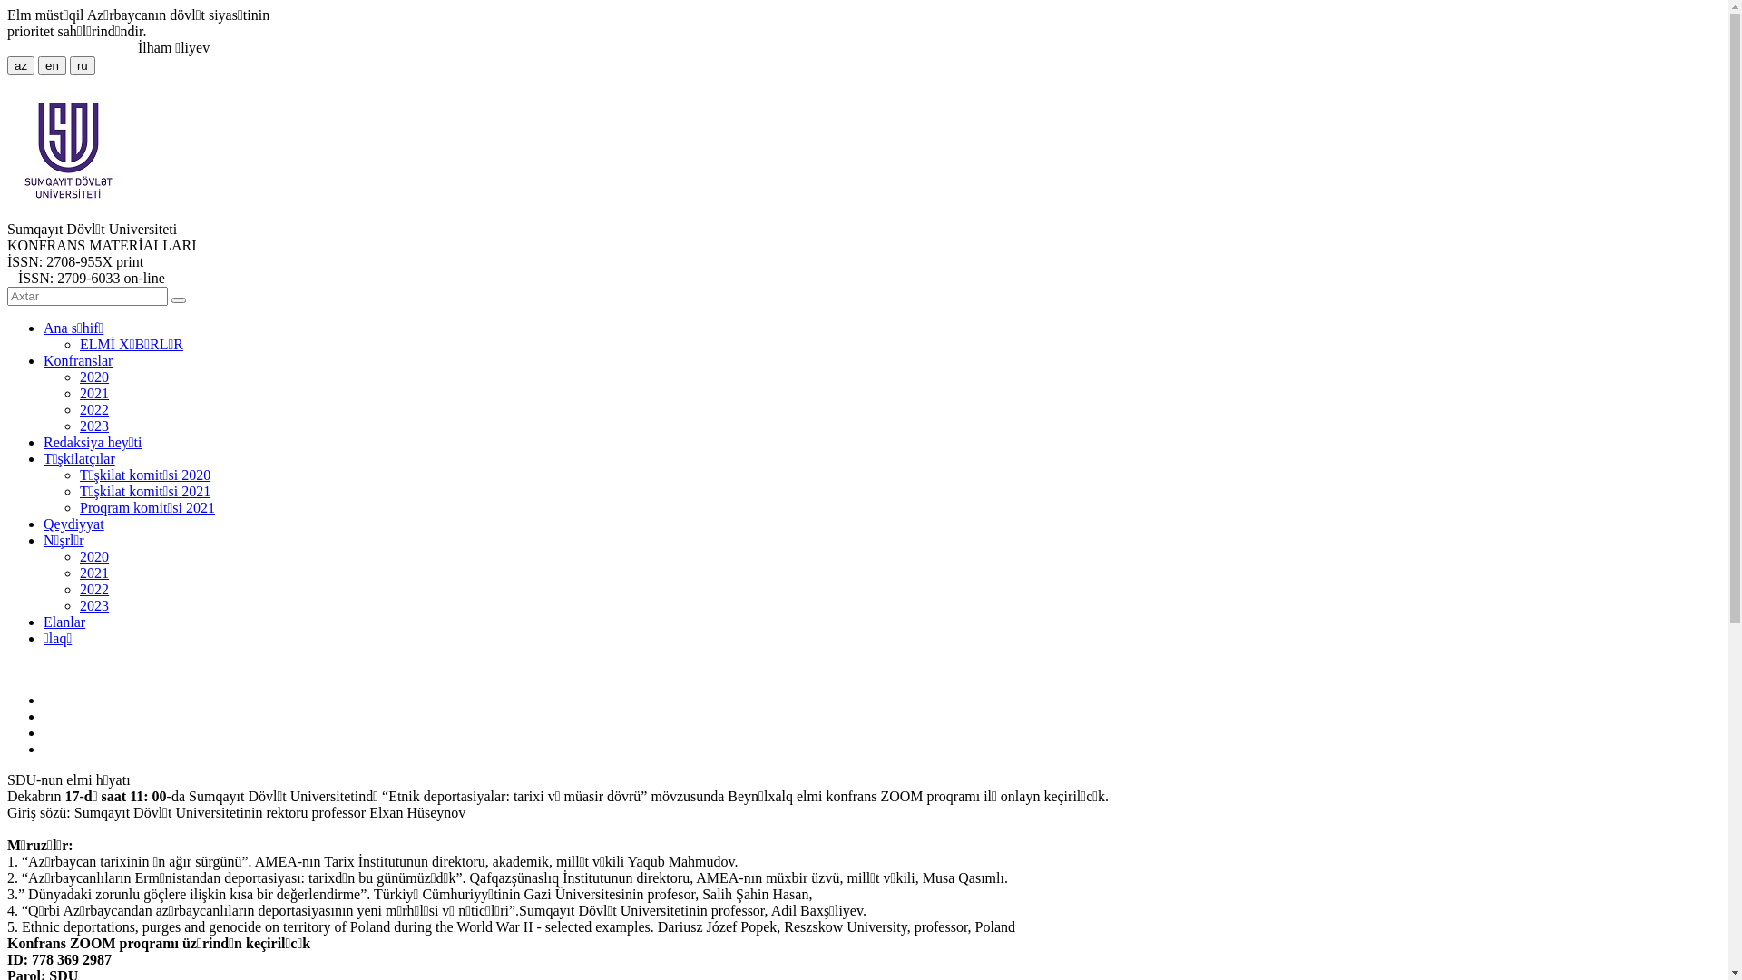 This screenshot has height=980, width=1742. Describe the element at coordinates (73, 524) in the screenshot. I see `'Qeydiyyat'` at that location.